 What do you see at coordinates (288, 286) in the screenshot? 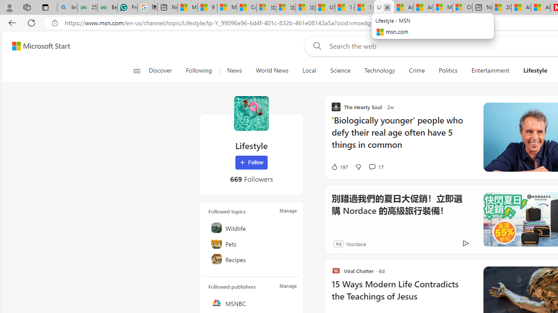
I see `'Manage'` at bounding box center [288, 286].